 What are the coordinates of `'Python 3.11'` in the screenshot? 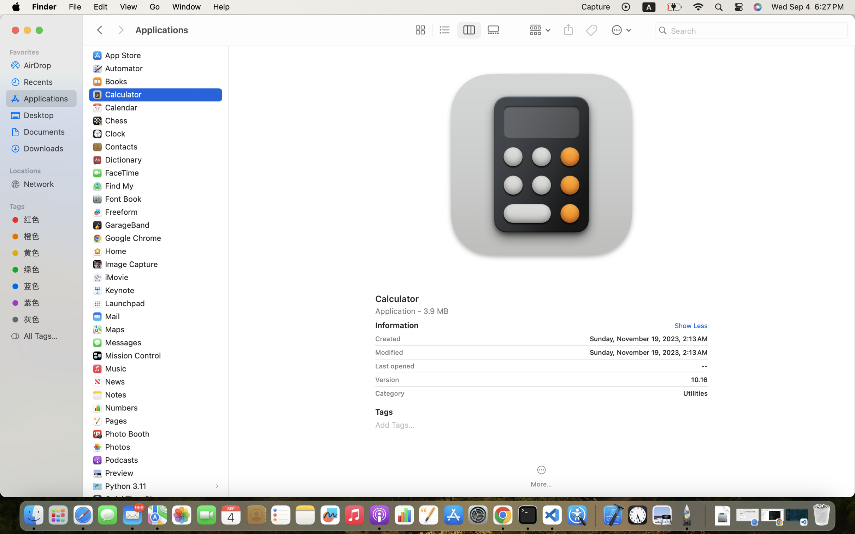 It's located at (126, 486).